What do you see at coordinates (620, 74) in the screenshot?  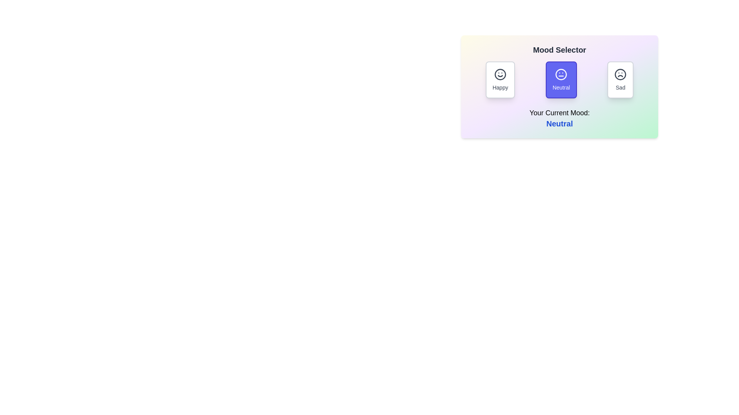 I see `the circular vector graphic component that is part of the sad mood icon, located as the rightmost icon in the Mood Selector section` at bounding box center [620, 74].